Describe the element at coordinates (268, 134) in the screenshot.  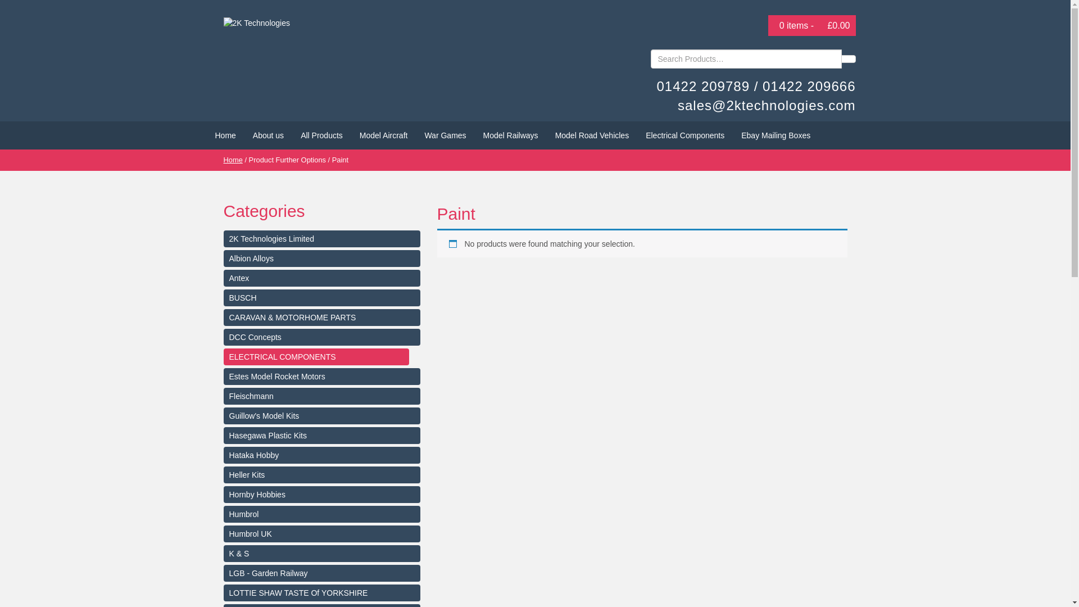
I see `'About us'` at that location.